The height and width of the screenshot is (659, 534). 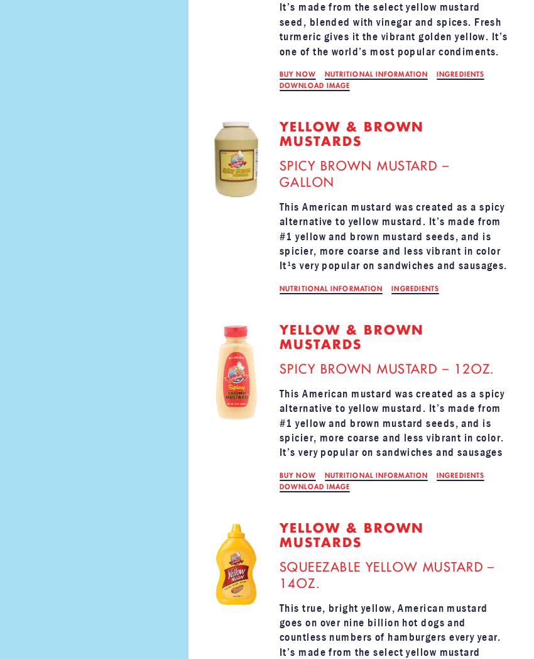 I want to click on 'This American mustard was created as a spicy alternative to yellow mustard. It’s made from #1 yellow and brown mustard seeds, and is spicier, more coarse and less vibrant in color It¹s very popular on sandwiches and sausages.', so click(x=393, y=235).